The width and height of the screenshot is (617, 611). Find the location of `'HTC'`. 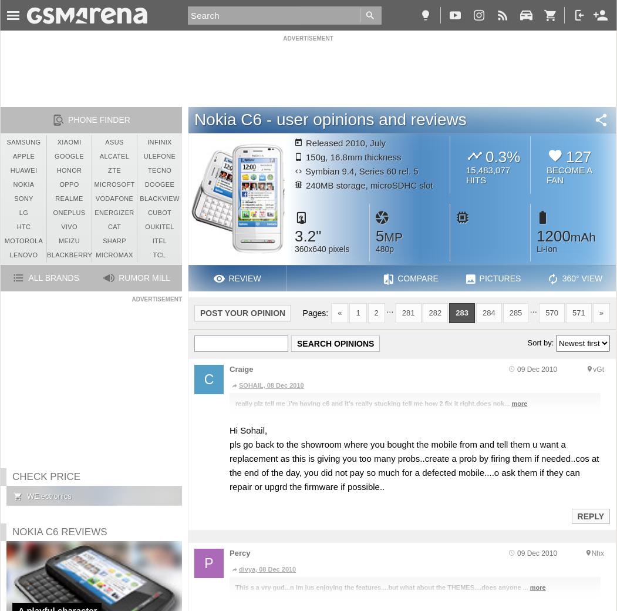

'HTC' is located at coordinates (16, 226).